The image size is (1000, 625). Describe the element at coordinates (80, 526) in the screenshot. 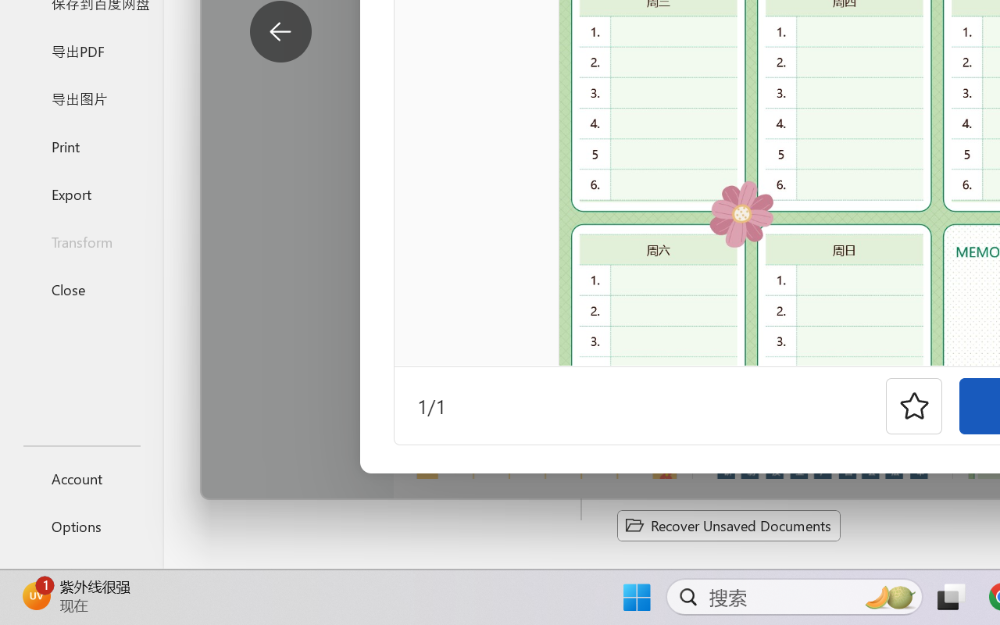

I see `'Options'` at that location.